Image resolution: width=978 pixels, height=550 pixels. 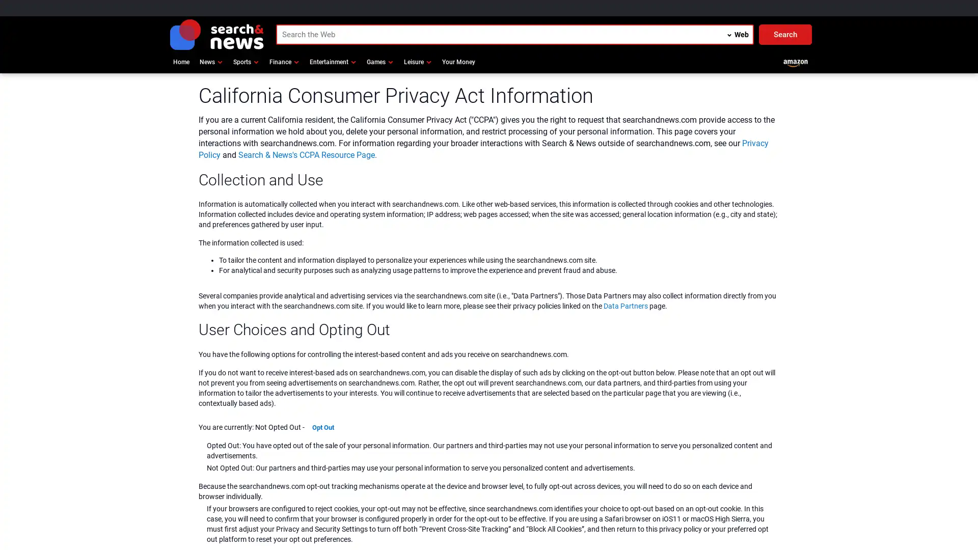 I want to click on Opt Out, so click(x=322, y=427).